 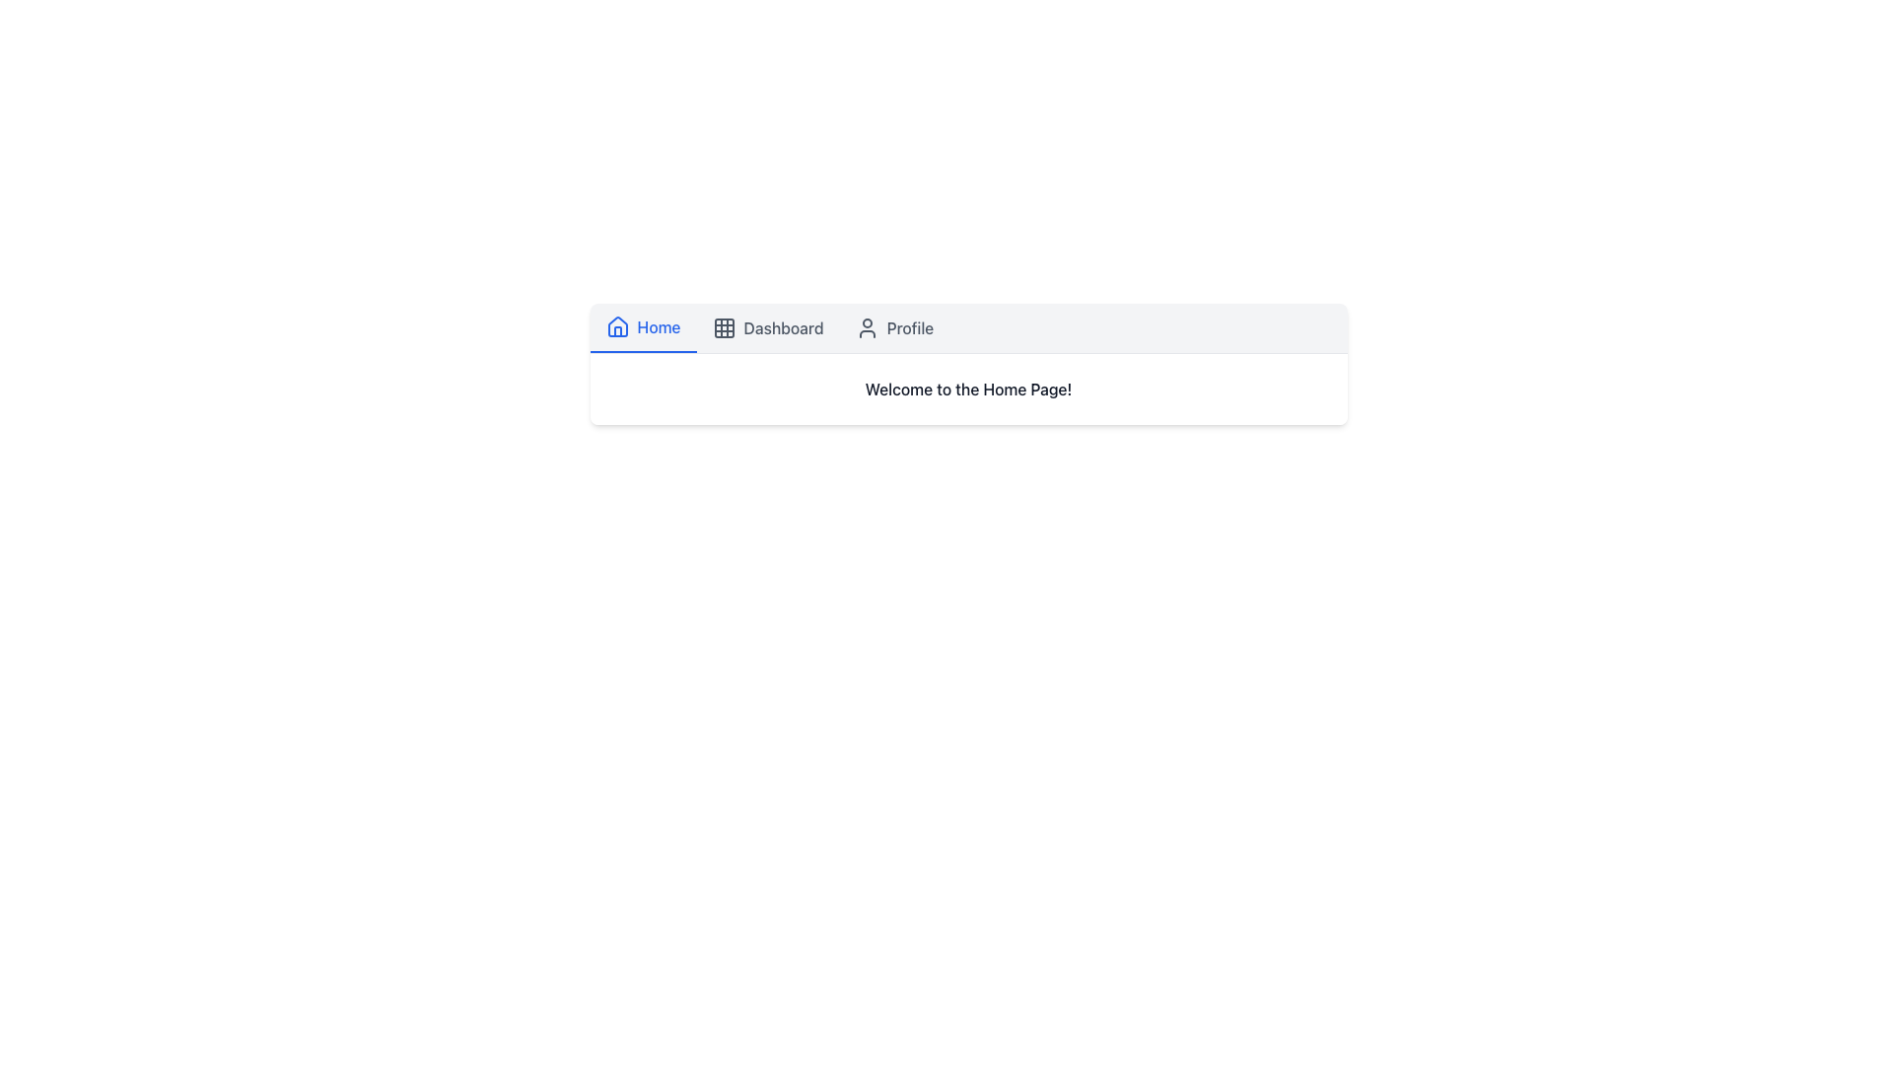 What do you see at coordinates (723, 326) in the screenshot?
I see `the top-left square of the 3x3 grid icon representing dashboard functionality, located next to the navigation tab labeled 'Dashboard'` at bounding box center [723, 326].